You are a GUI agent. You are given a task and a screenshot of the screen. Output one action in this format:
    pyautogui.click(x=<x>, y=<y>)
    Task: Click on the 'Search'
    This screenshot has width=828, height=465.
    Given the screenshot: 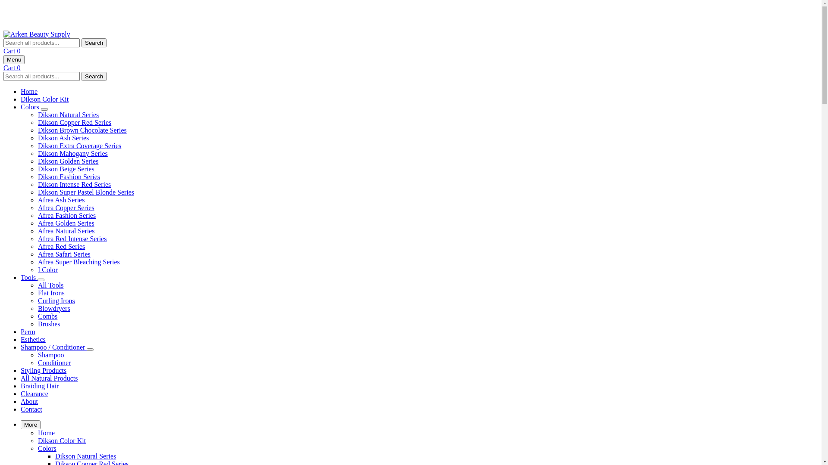 What is the action you would take?
    pyautogui.click(x=94, y=42)
    